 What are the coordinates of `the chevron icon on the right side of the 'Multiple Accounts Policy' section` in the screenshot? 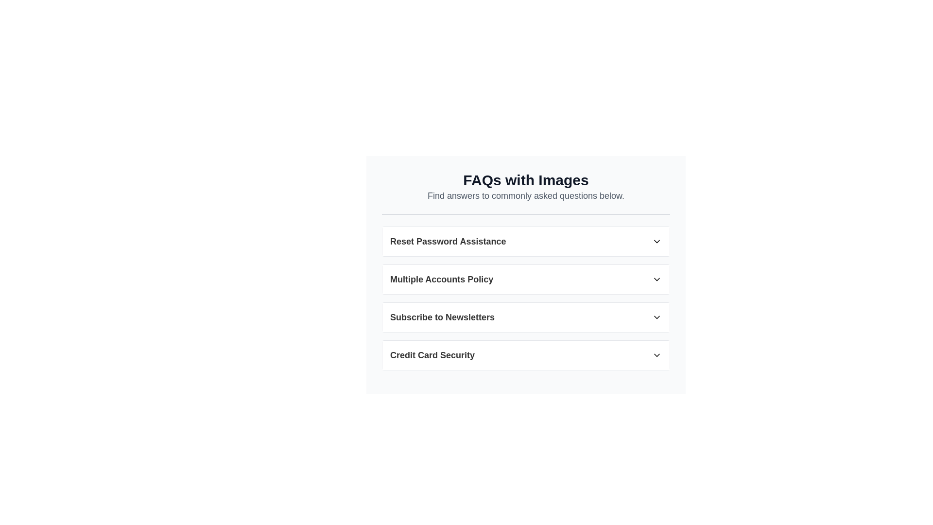 It's located at (657, 279).